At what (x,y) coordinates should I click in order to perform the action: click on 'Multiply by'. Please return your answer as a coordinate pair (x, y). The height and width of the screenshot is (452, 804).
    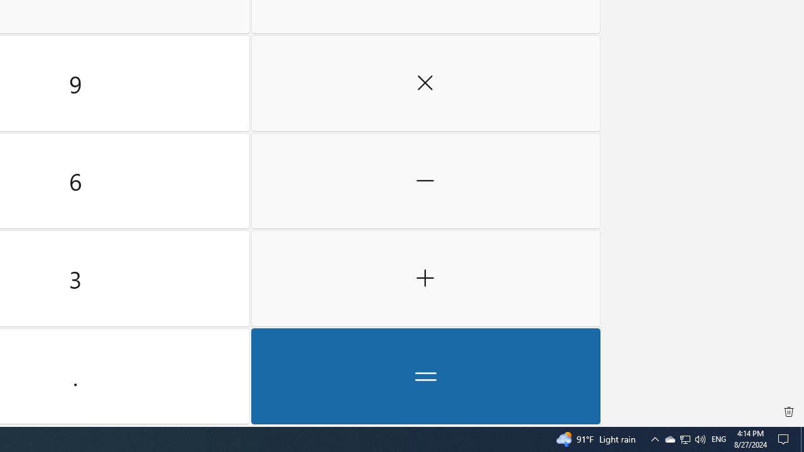
    Looking at the image, I should click on (425, 83).